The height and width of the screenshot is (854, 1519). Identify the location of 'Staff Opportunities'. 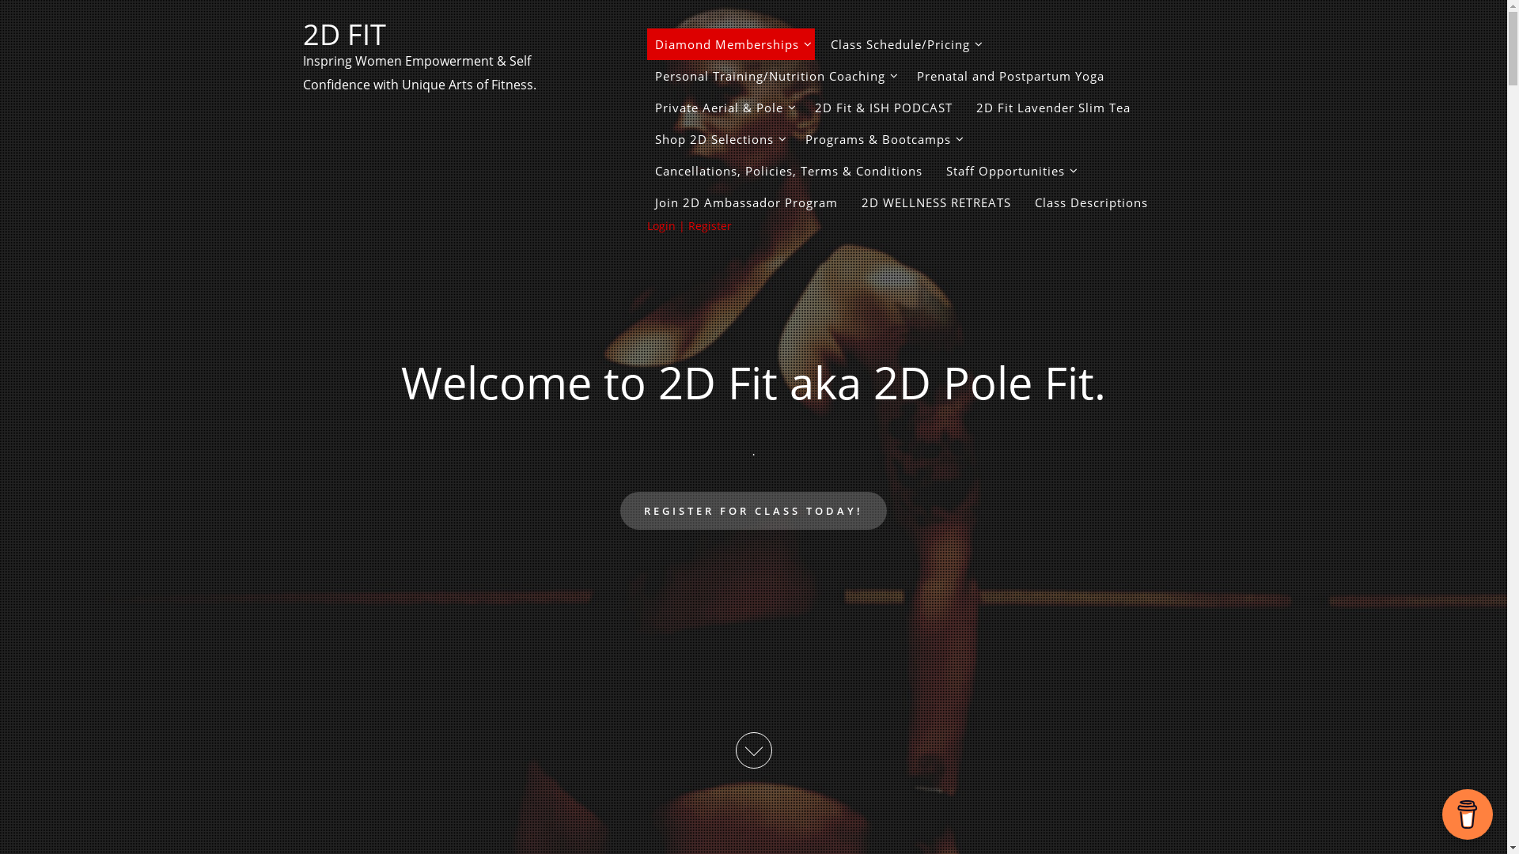
(938, 171).